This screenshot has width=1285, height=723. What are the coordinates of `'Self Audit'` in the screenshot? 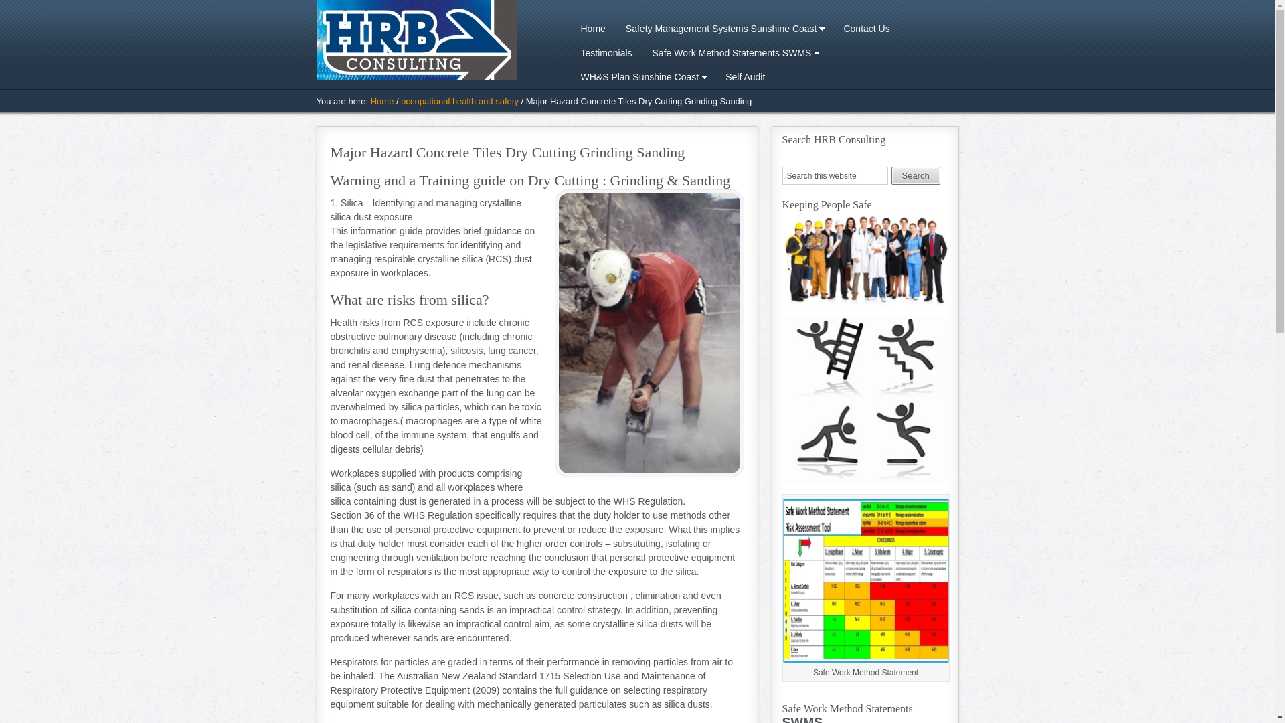 It's located at (744, 77).